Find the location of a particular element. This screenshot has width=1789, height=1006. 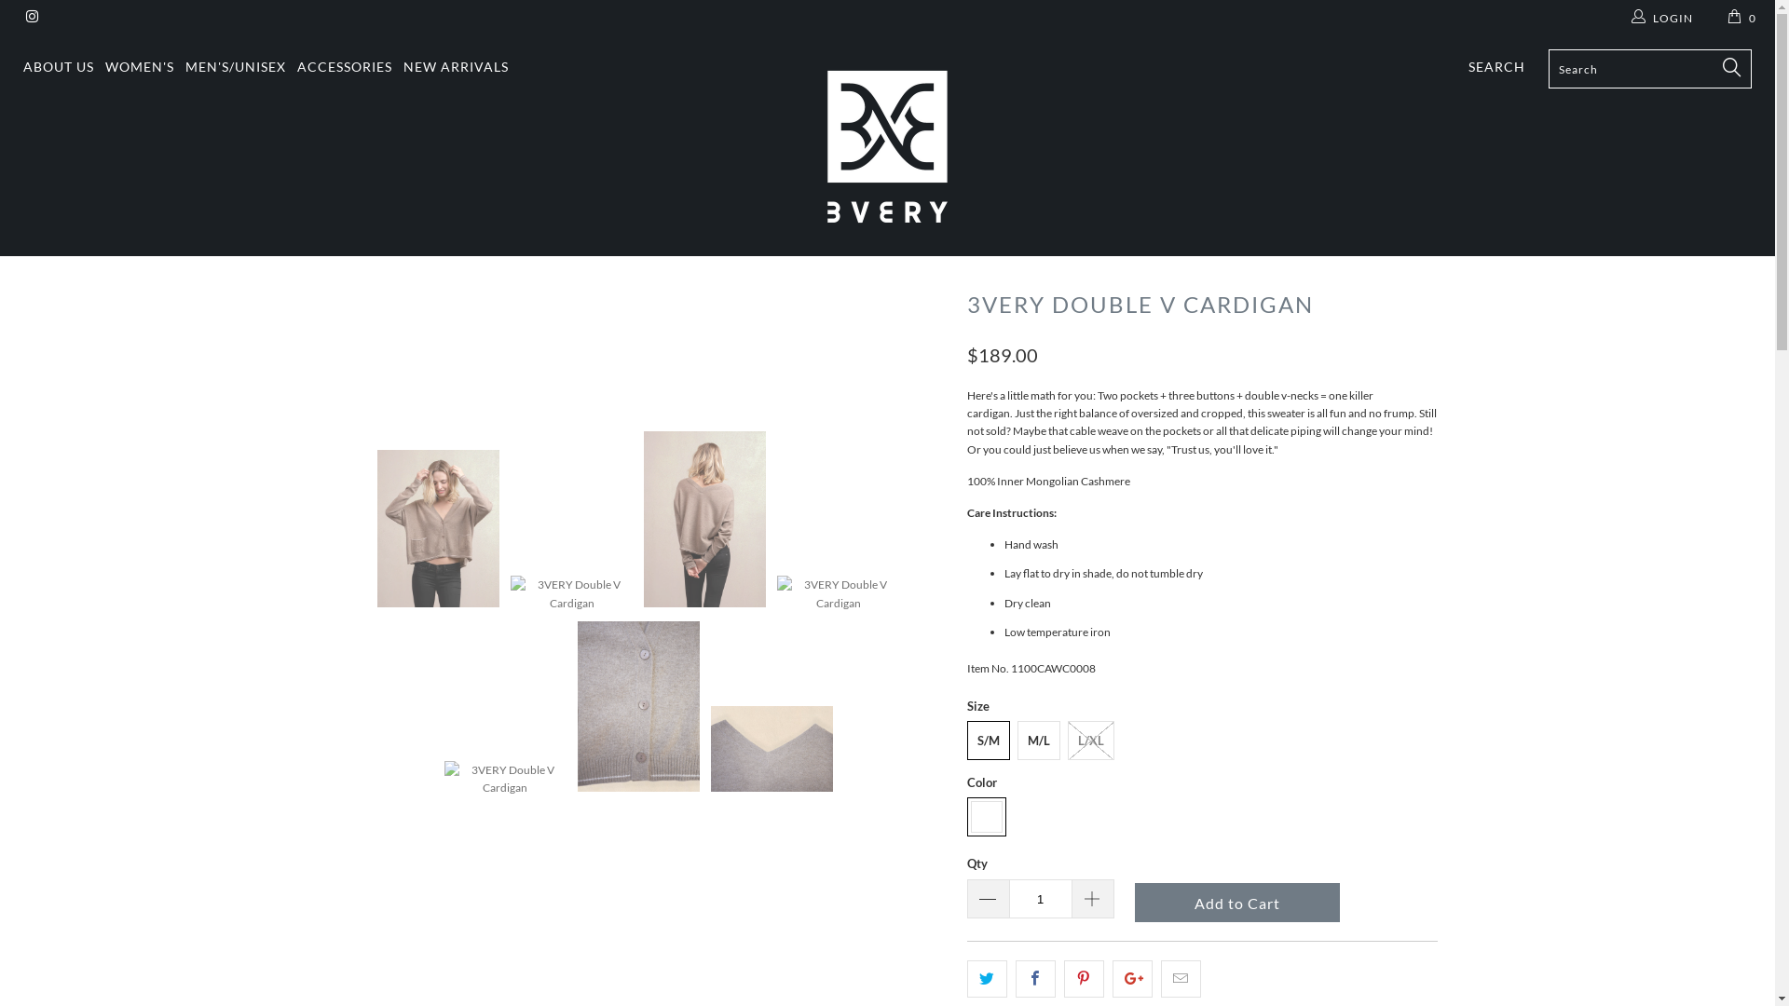

'SEARCH' is located at coordinates (1496, 66).